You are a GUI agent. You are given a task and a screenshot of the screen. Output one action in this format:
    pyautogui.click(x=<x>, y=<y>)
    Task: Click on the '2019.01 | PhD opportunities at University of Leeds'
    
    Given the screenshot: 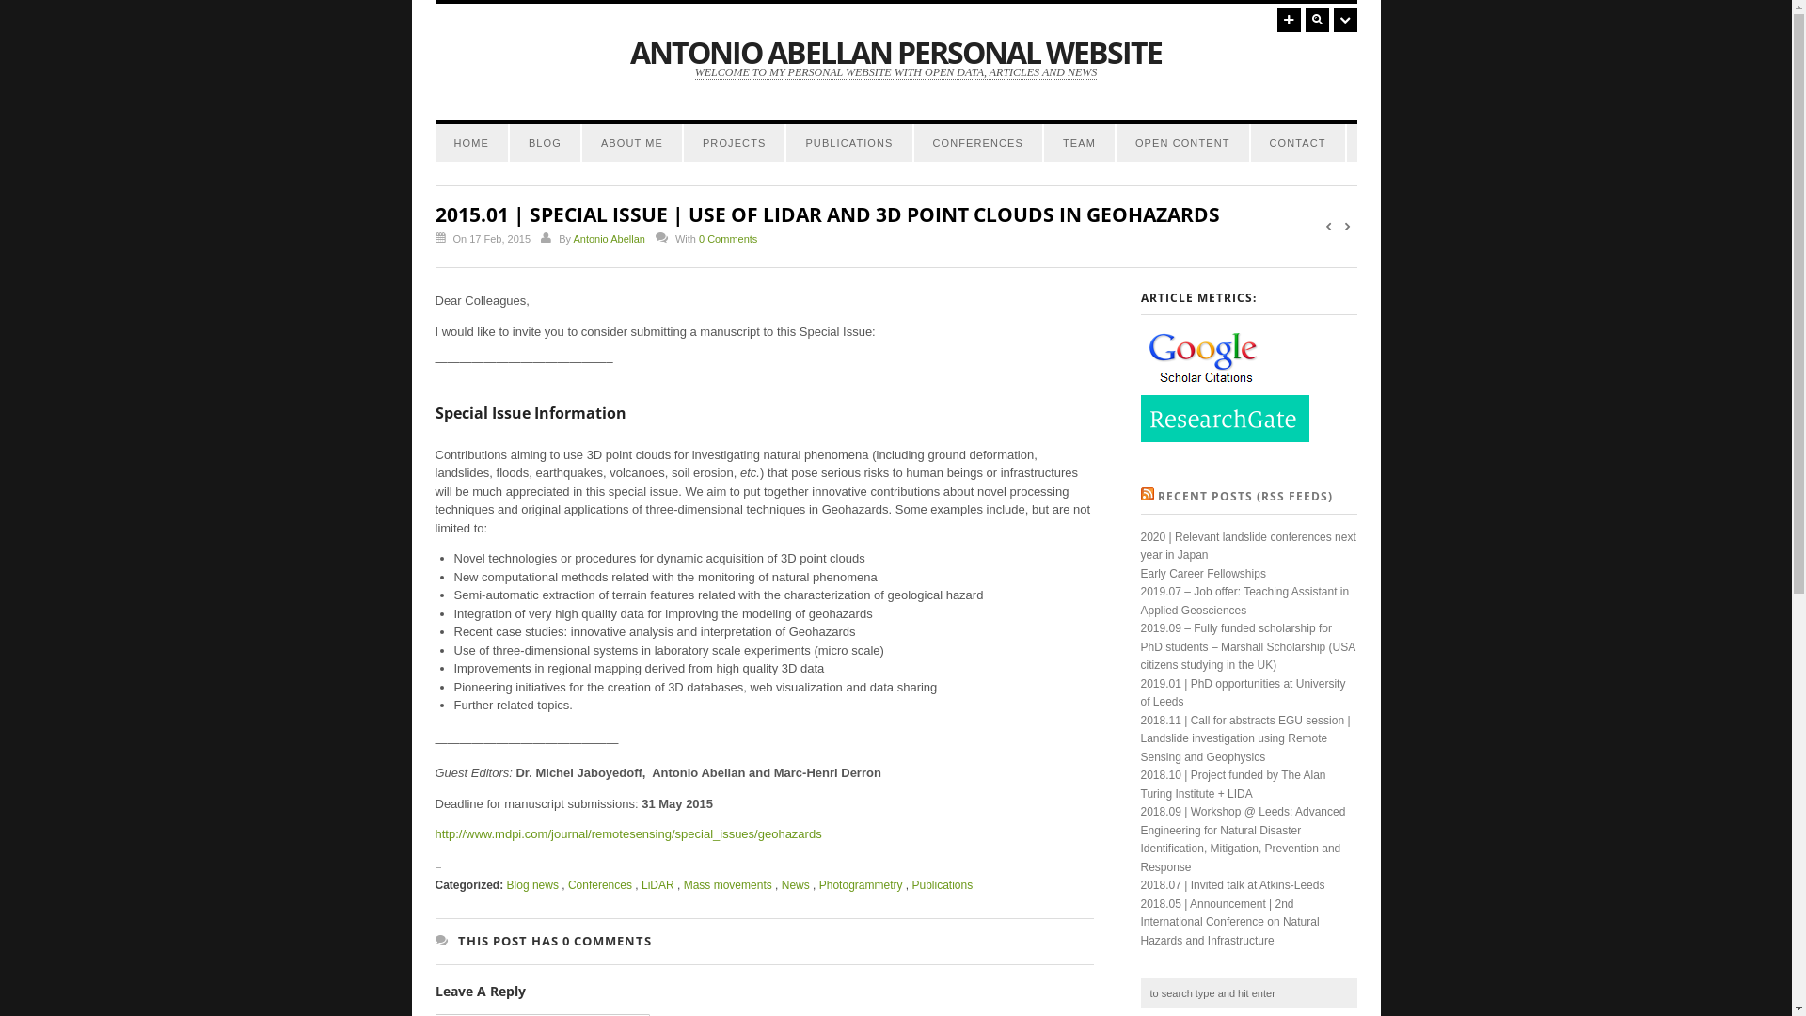 What is the action you would take?
    pyautogui.click(x=1242, y=692)
    